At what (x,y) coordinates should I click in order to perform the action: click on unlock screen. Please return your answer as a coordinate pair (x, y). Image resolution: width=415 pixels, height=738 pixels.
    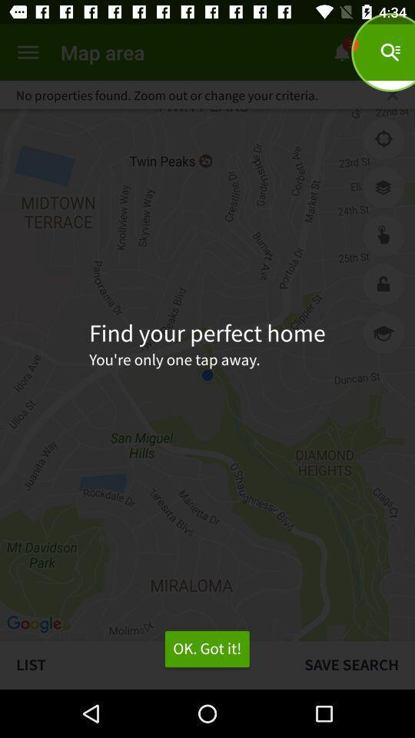
    Looking at the image, I should click on (383, 284).